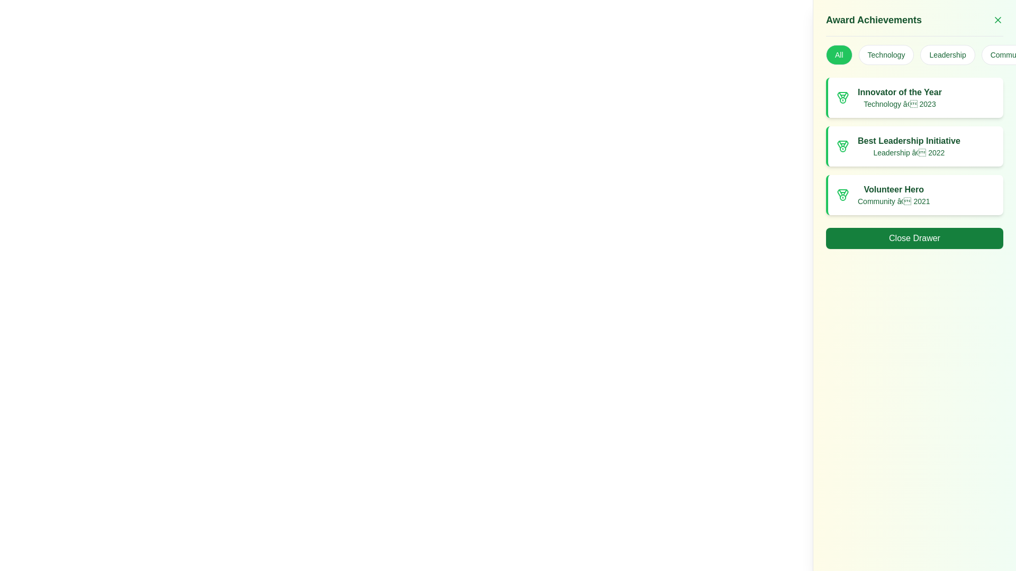  I want to click on the Close Button Icon, which is a small 'X' shaped icon located in the top-right corner next to 'Award Achievements', so click(997, 20).